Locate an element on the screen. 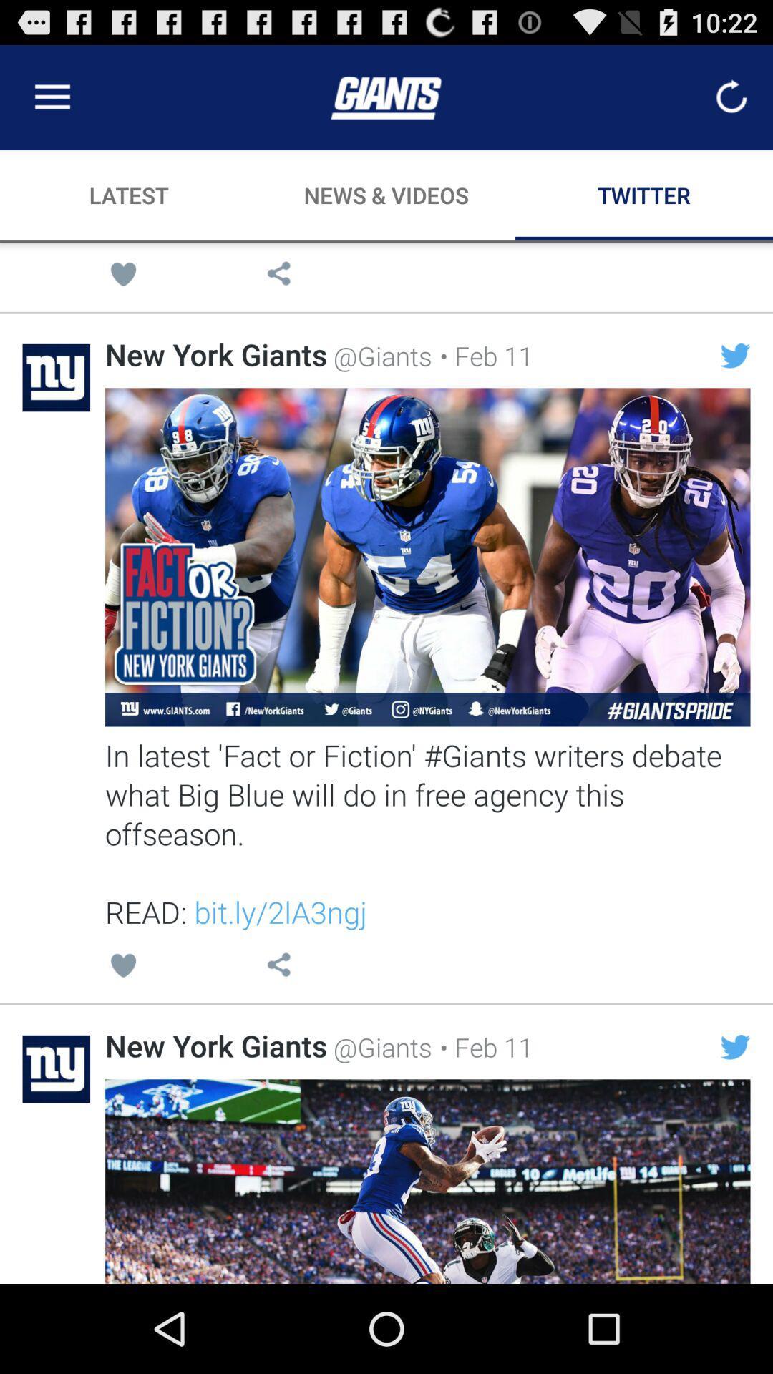  the image contains a description of the article is located at coordinates (427, 556).